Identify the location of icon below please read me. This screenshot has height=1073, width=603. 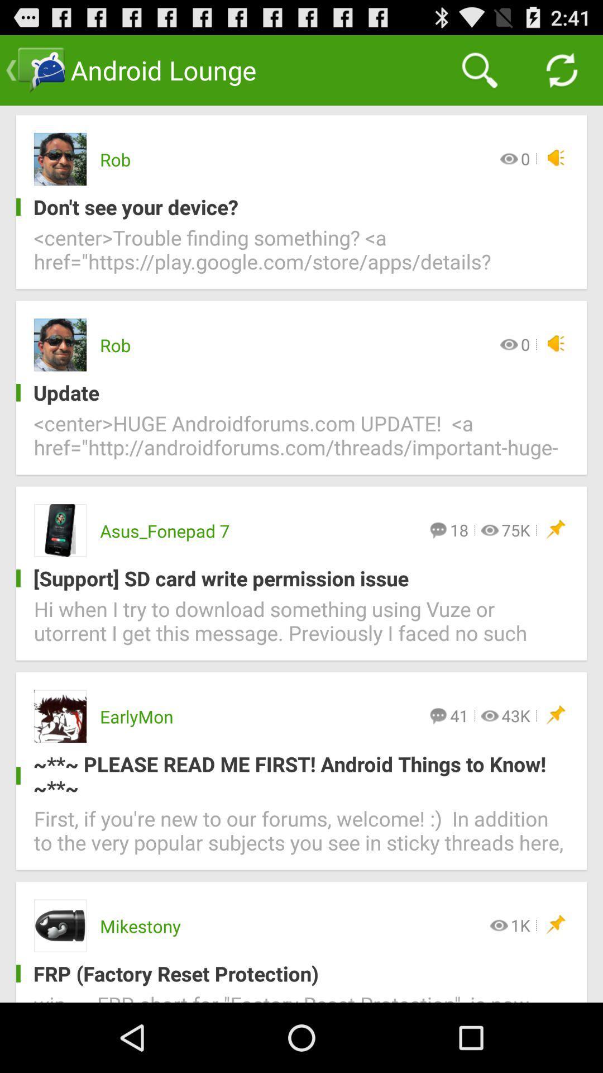
(301, 837).